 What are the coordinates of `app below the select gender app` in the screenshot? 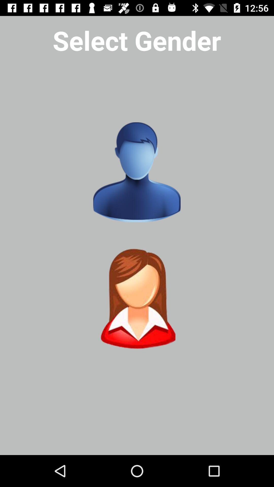 It's located at (136, 172).